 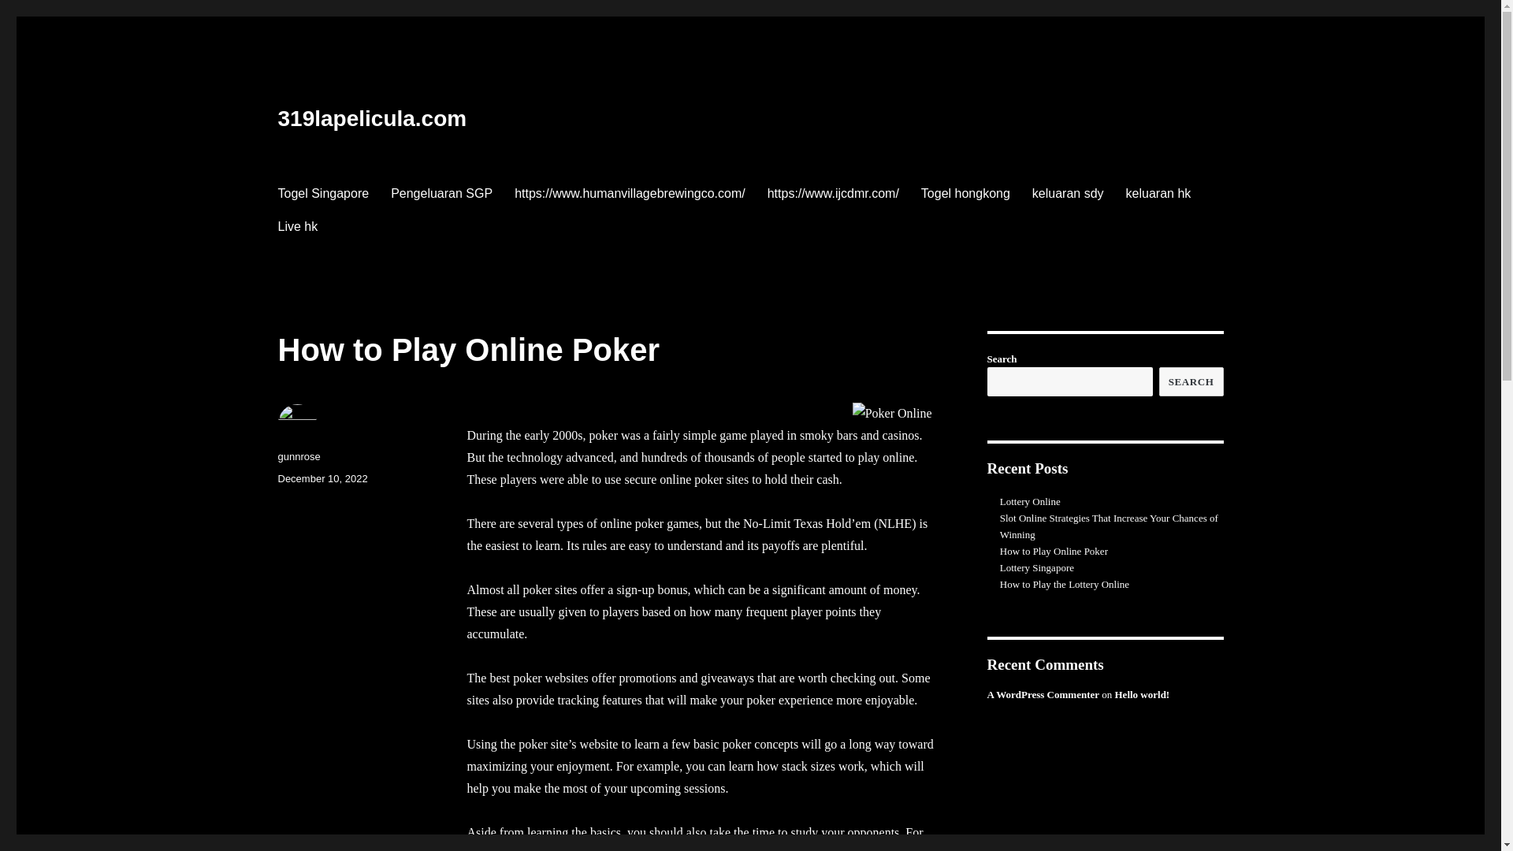 What do you see at coordinates (1191, 381) in the screenshot?
I see `'SEARCH'` at bounding box center [1191, 381].